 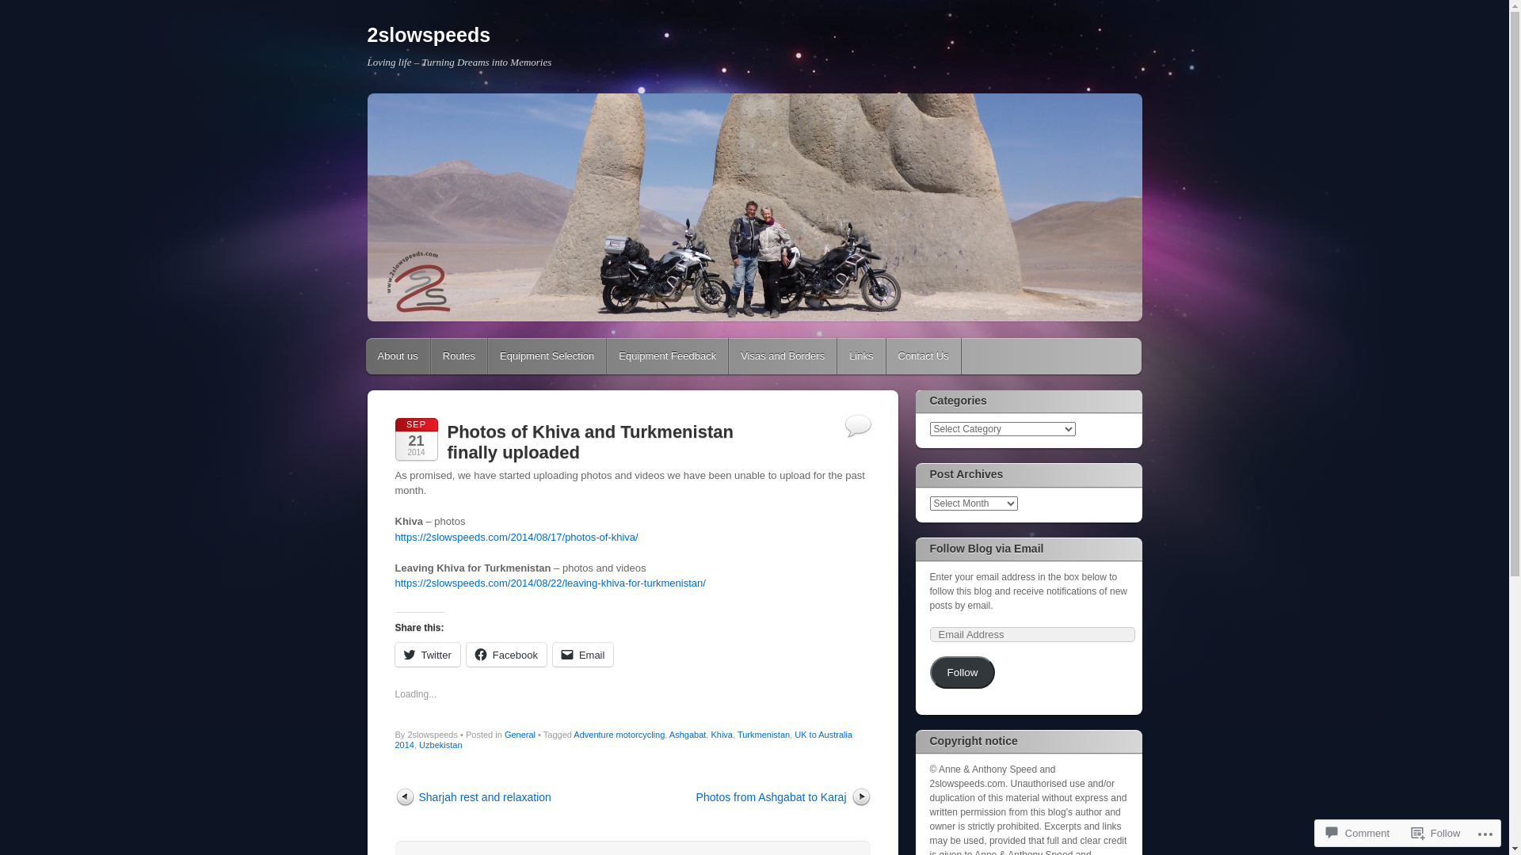 What do you see at coordinates (418, 745) in the screenshot?
I see `'Uzbekistan'` at bounding box center [418, 745].